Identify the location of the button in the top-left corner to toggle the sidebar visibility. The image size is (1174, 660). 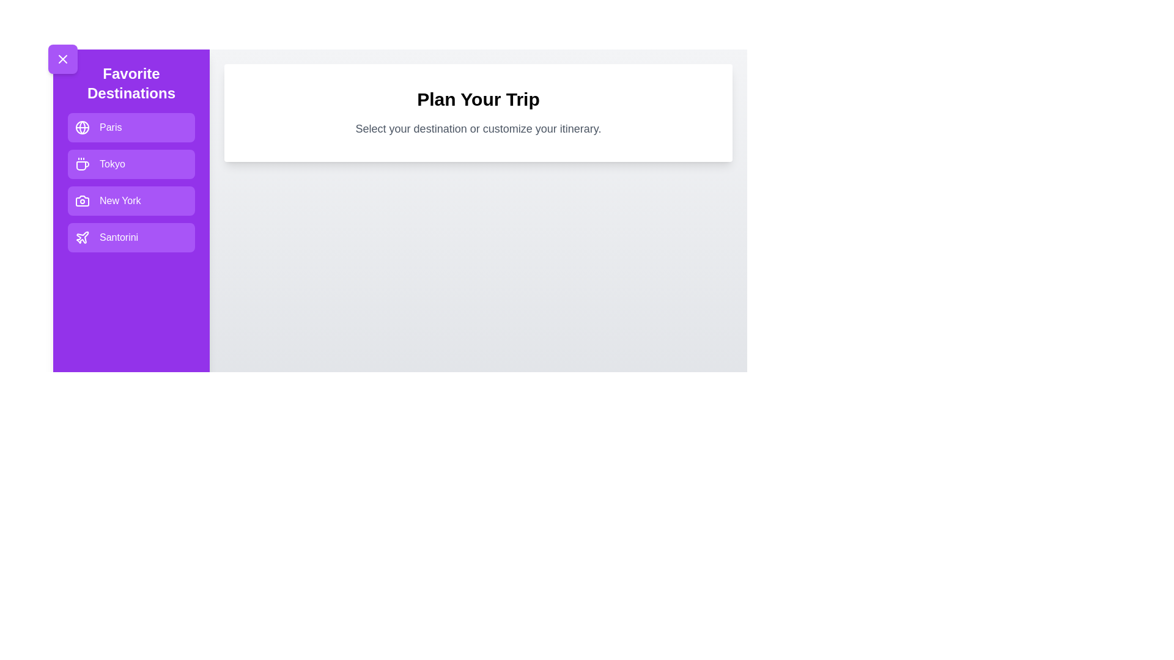
(62, 59).